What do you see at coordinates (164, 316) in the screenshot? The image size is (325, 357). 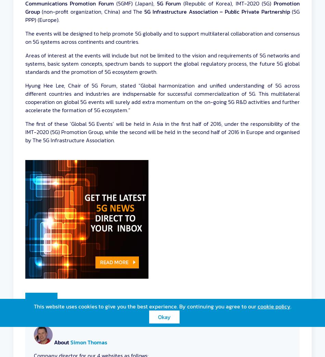 I see `'Okay'` at bounding box center [164, 316].